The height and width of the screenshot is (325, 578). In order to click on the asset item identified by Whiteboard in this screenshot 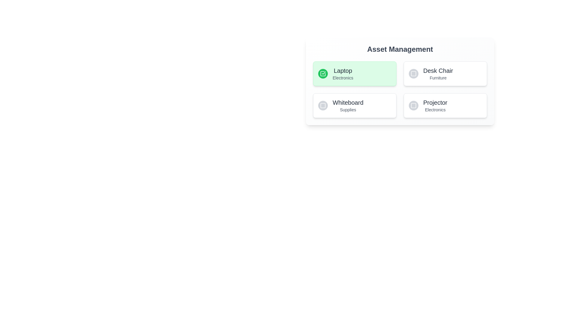, I will do `click(355, 105)`.